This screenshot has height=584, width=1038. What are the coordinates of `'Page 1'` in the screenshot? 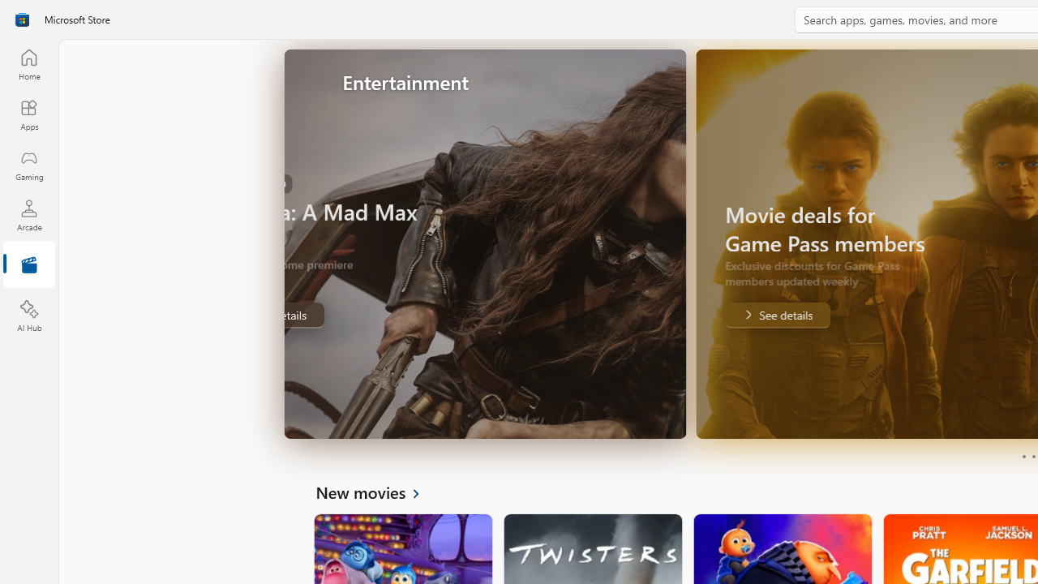 It's located at (1023, 457).